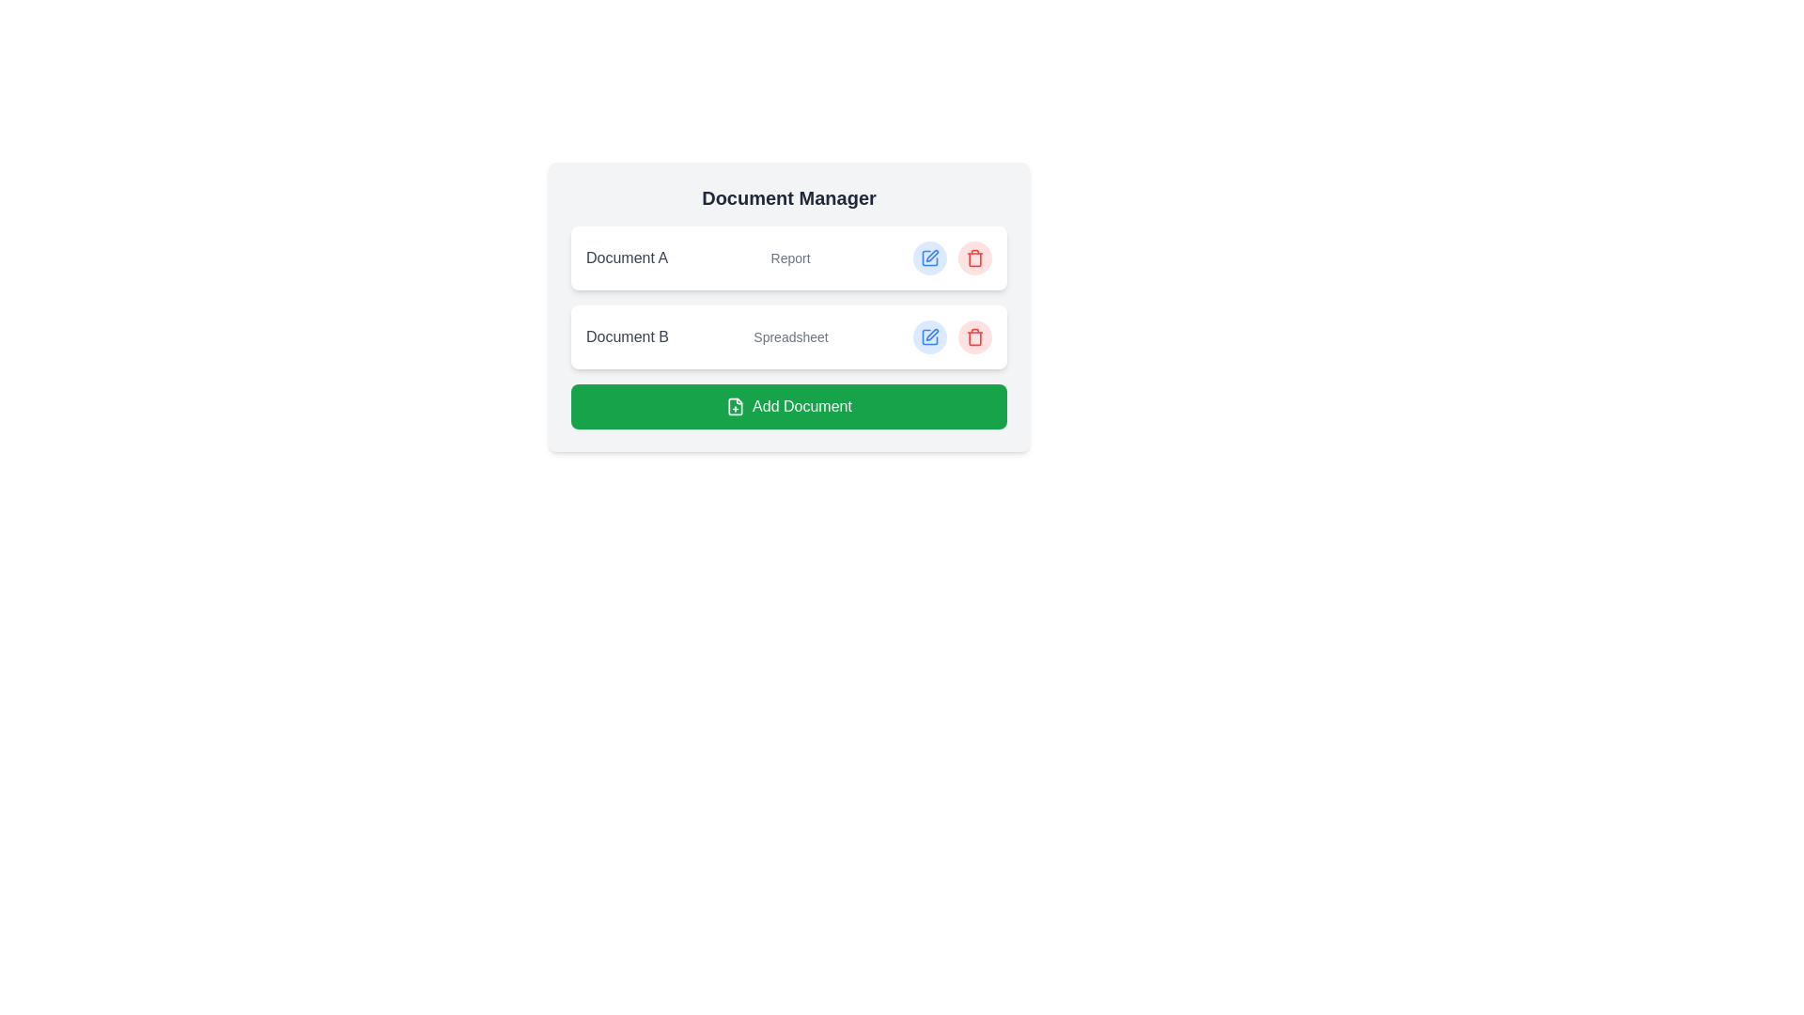  Describe the element at coordinates (789, 326) in the screenshot. I see `the second list item in the document manager interface, which is positioned below 'Document A' and above the 'Add Document' button` at that location.